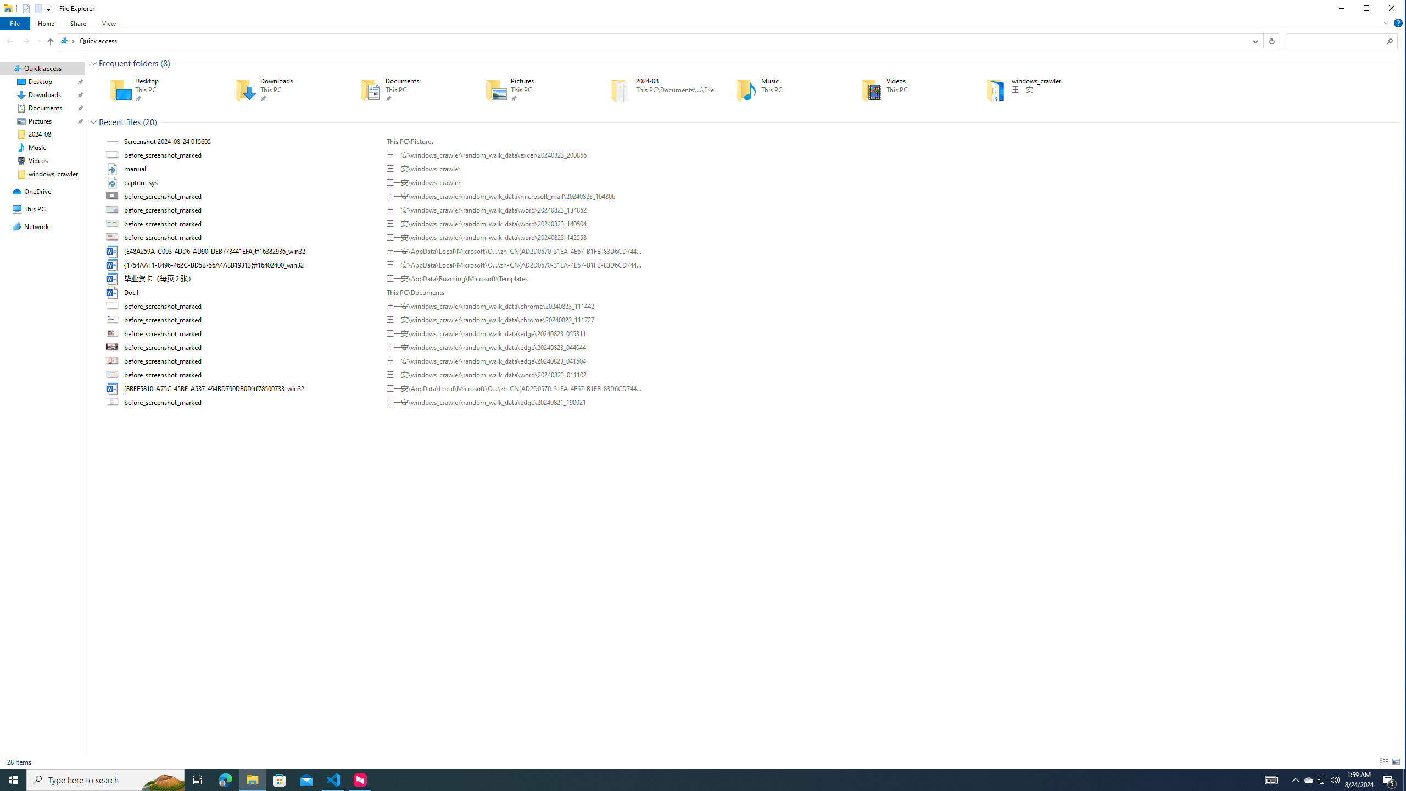 Image resolution: width=1406 pixels, height=791 pixels. Describe the element at coordinates (1383, 762) in the screenshot. I see `'Details'` at that location.